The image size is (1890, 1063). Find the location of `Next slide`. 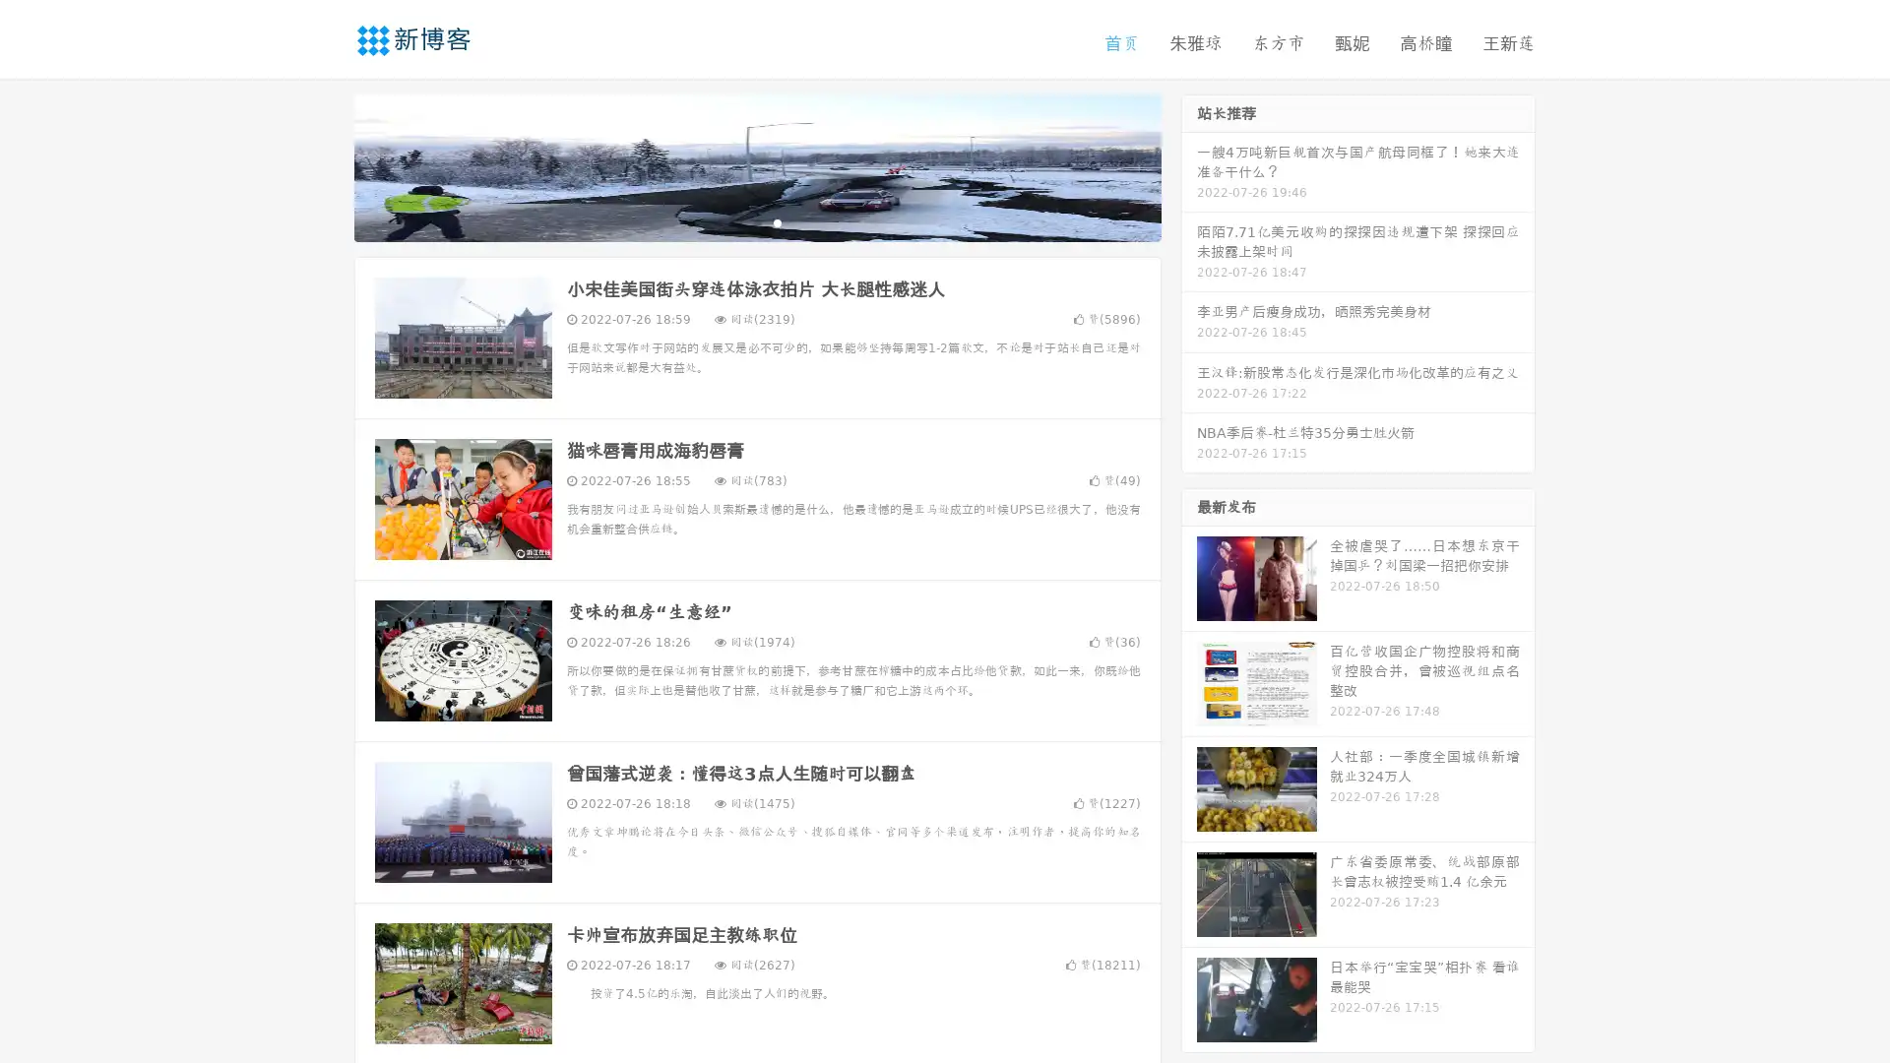

Next slide is located at coordinates (1189, 165).